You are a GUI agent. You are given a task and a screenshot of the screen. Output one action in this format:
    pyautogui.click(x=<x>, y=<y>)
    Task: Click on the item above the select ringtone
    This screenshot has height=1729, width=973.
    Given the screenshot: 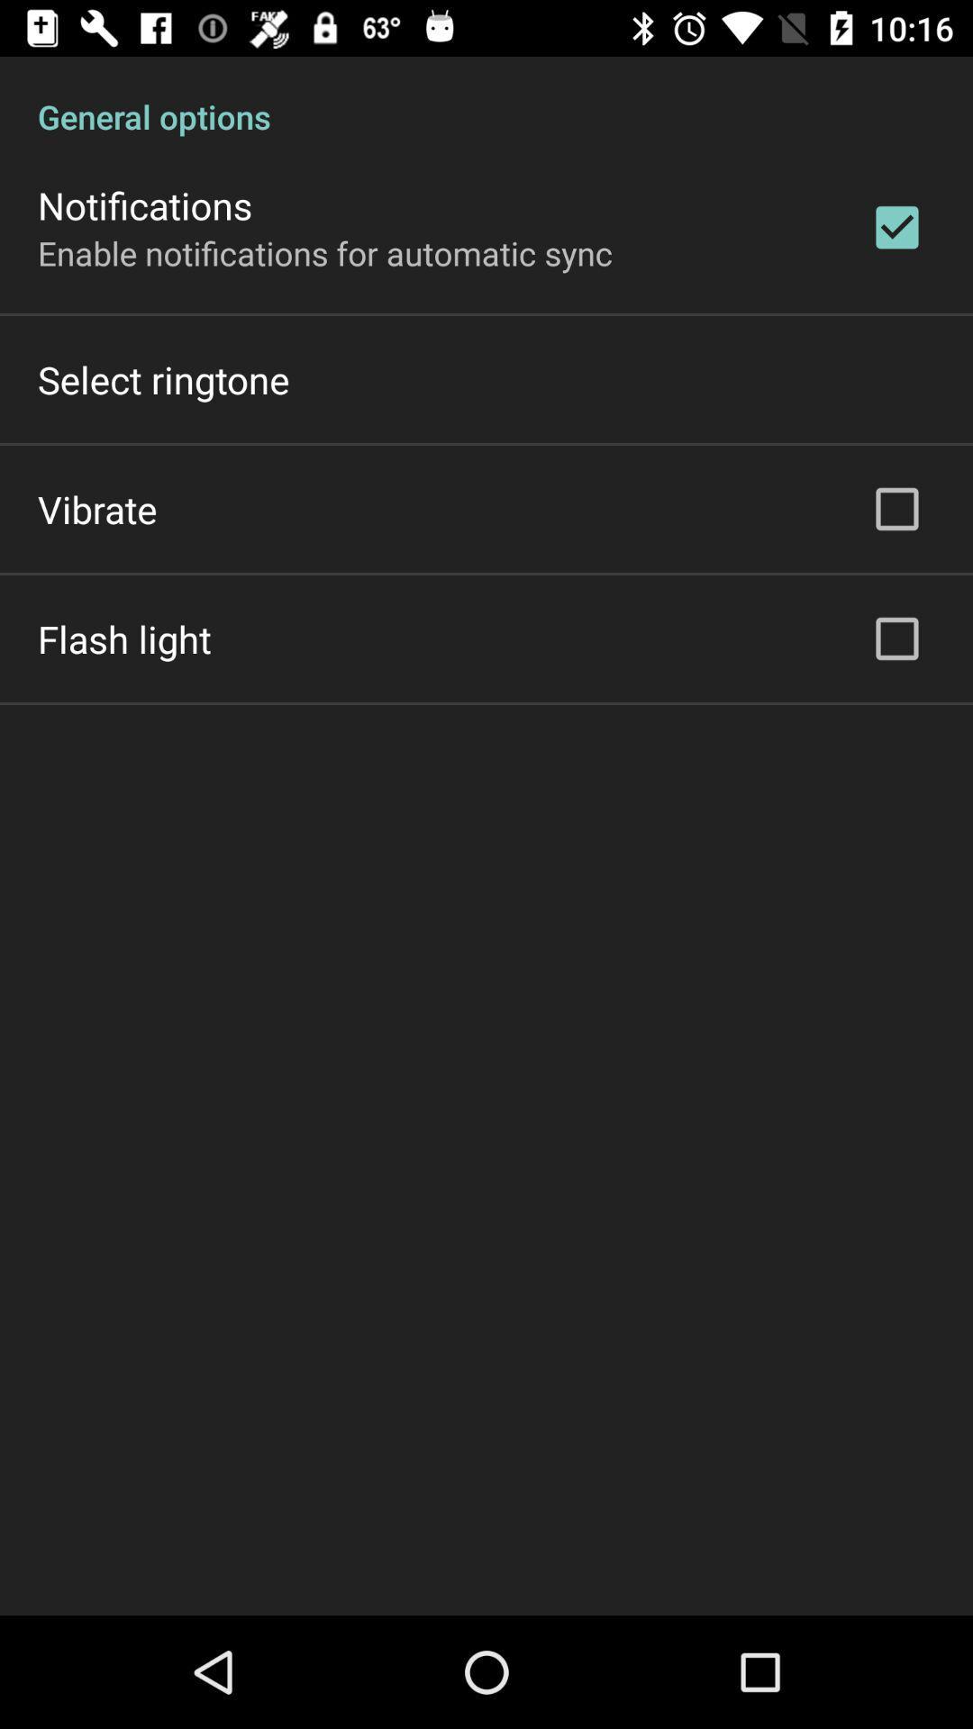 What is the action you would take?
    pyautogui.click(x=325, y=252)
    